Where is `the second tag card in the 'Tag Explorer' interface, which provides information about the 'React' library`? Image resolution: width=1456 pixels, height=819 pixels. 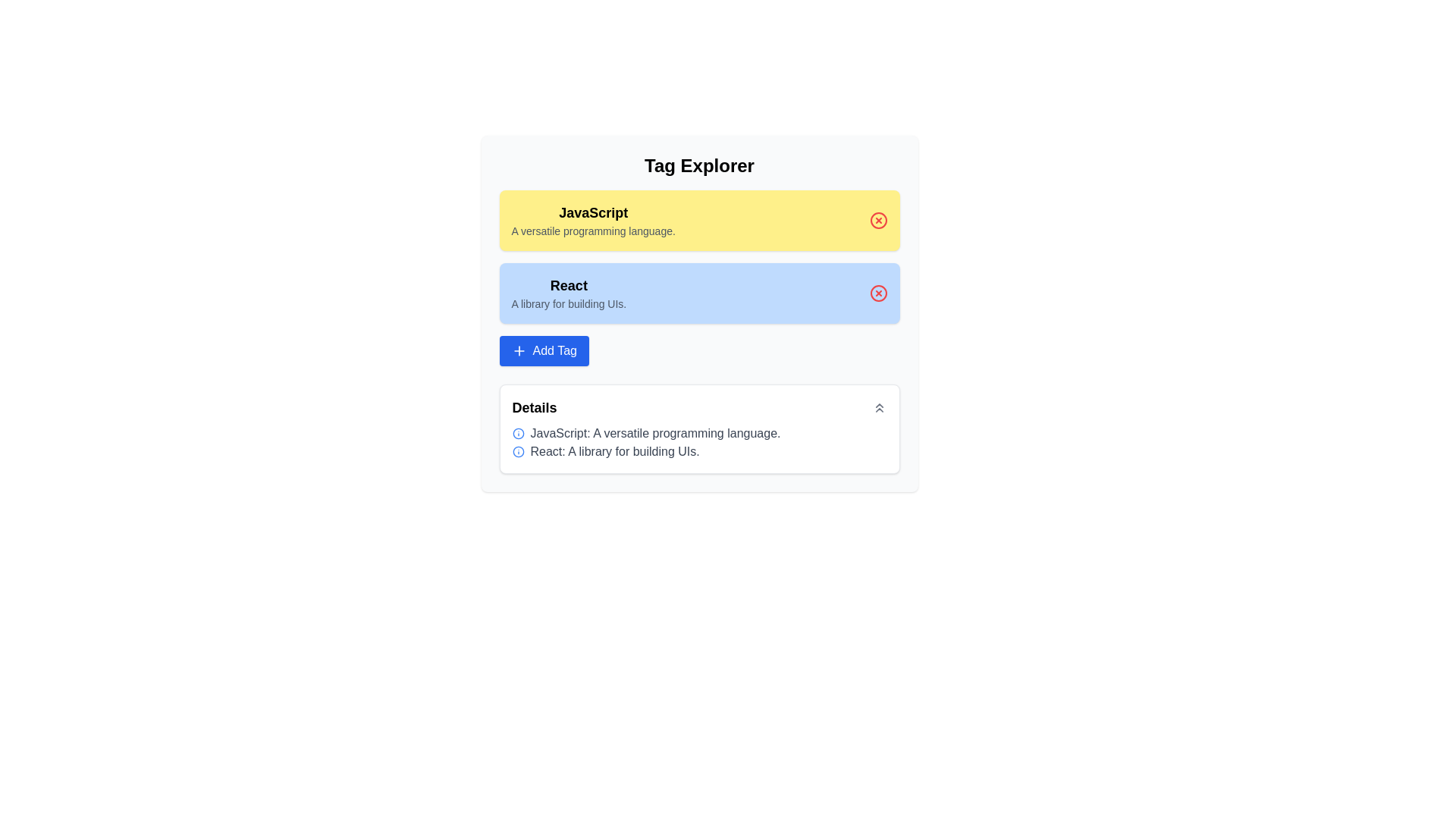
the second tag card in the 'Tag Explorer' interface, which provides information about the 'React' library is located at coordinates (568, 293).